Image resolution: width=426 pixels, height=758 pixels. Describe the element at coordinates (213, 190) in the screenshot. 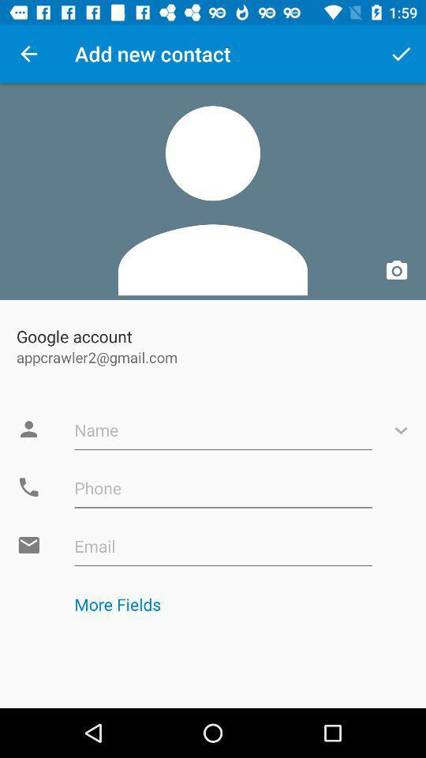

I see `the item above the google account app` at that location.